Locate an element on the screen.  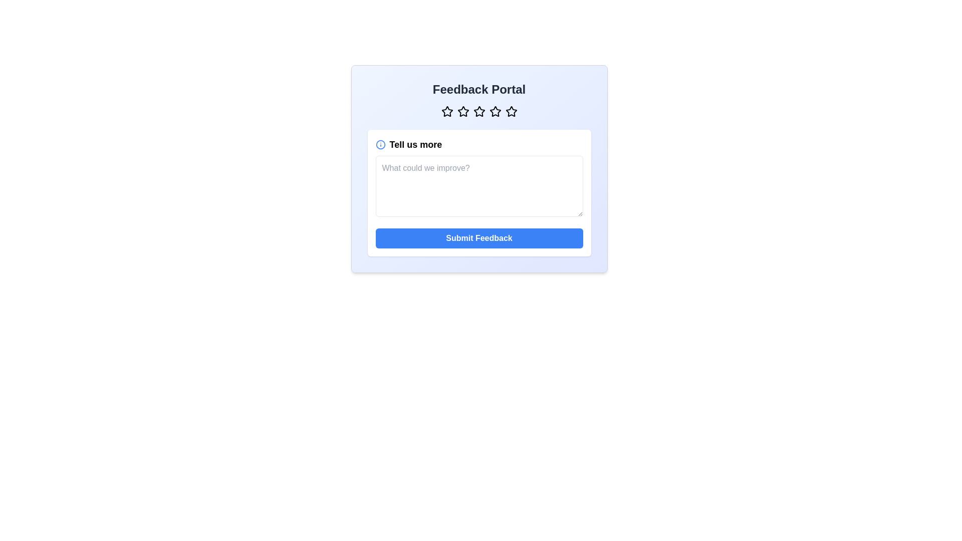
the first clickable rating star icon in the Feedback Portal interface is located at coordinates (446, 112).